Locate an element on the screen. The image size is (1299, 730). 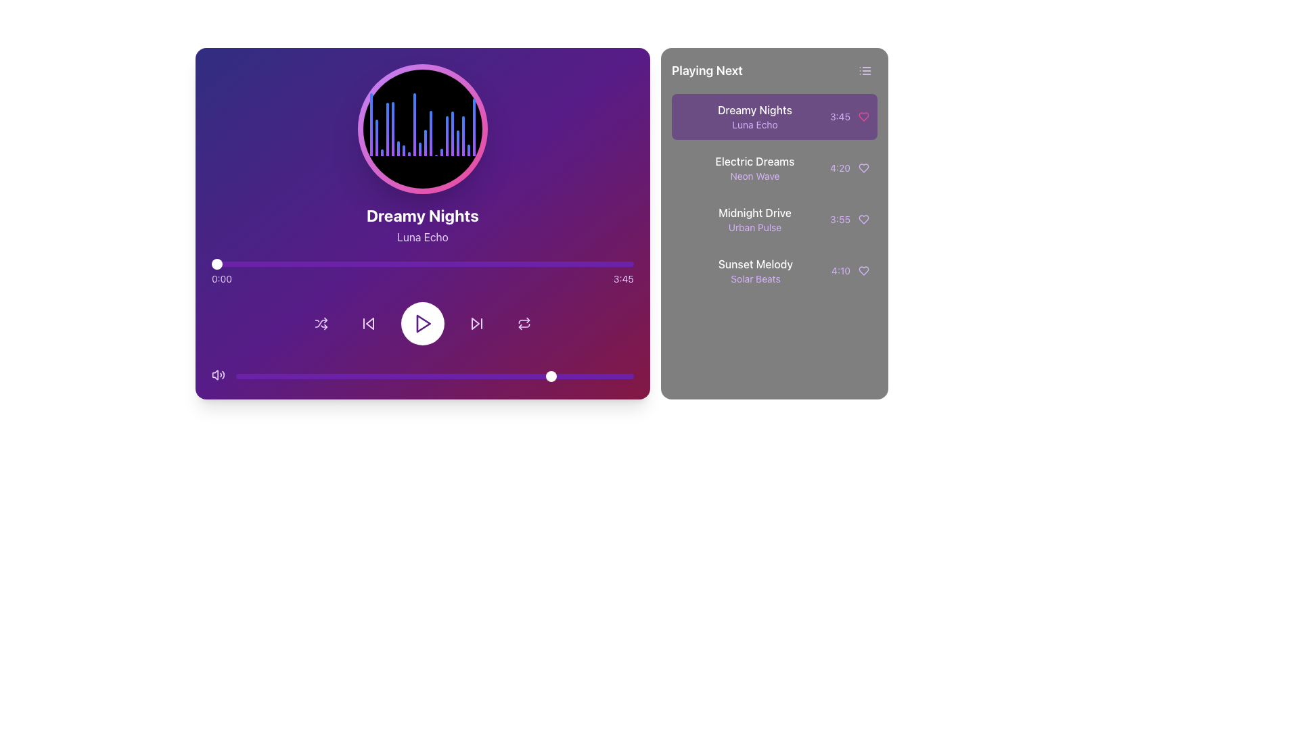
the 9th bar in the bar chart that visually represents audio levels, located at the center of a circular display at the top section of the layout is located at coordinates (413, 124).